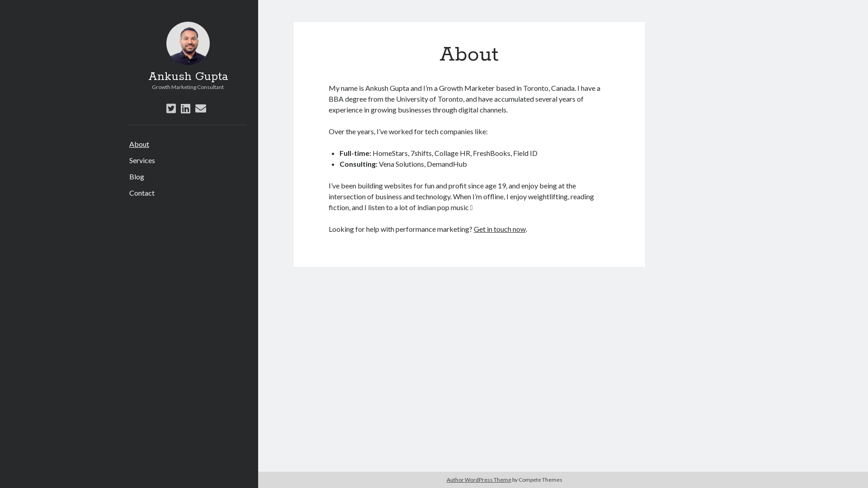  What do you see at coordinates (499, 228) in the screenshot?
I see `'Get in touch now'` at bounding box center [499, 228].